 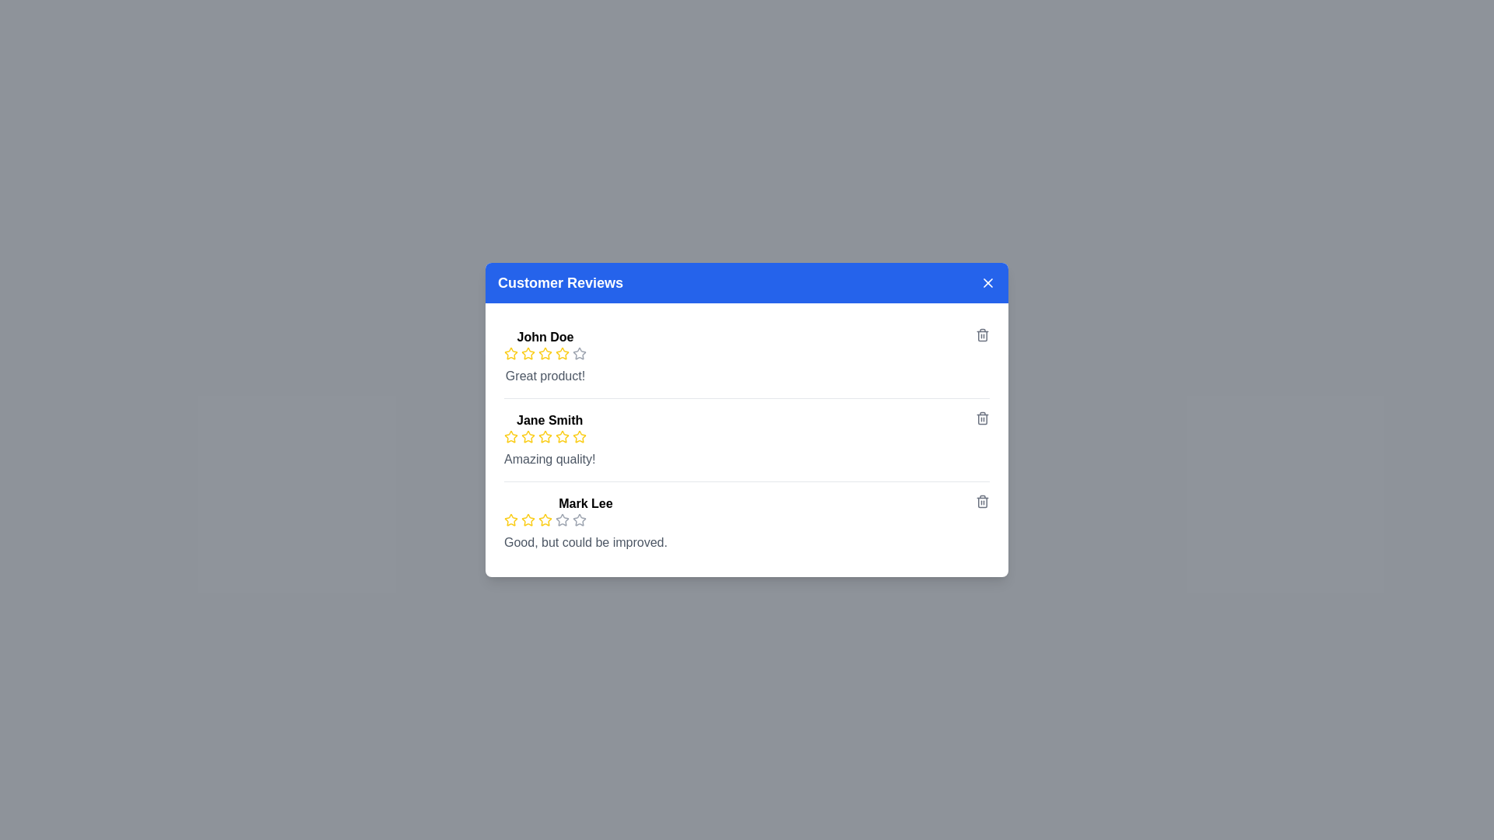 I want to click on the trash icon associated with the review by John Doe, so click(x=981, y=334).